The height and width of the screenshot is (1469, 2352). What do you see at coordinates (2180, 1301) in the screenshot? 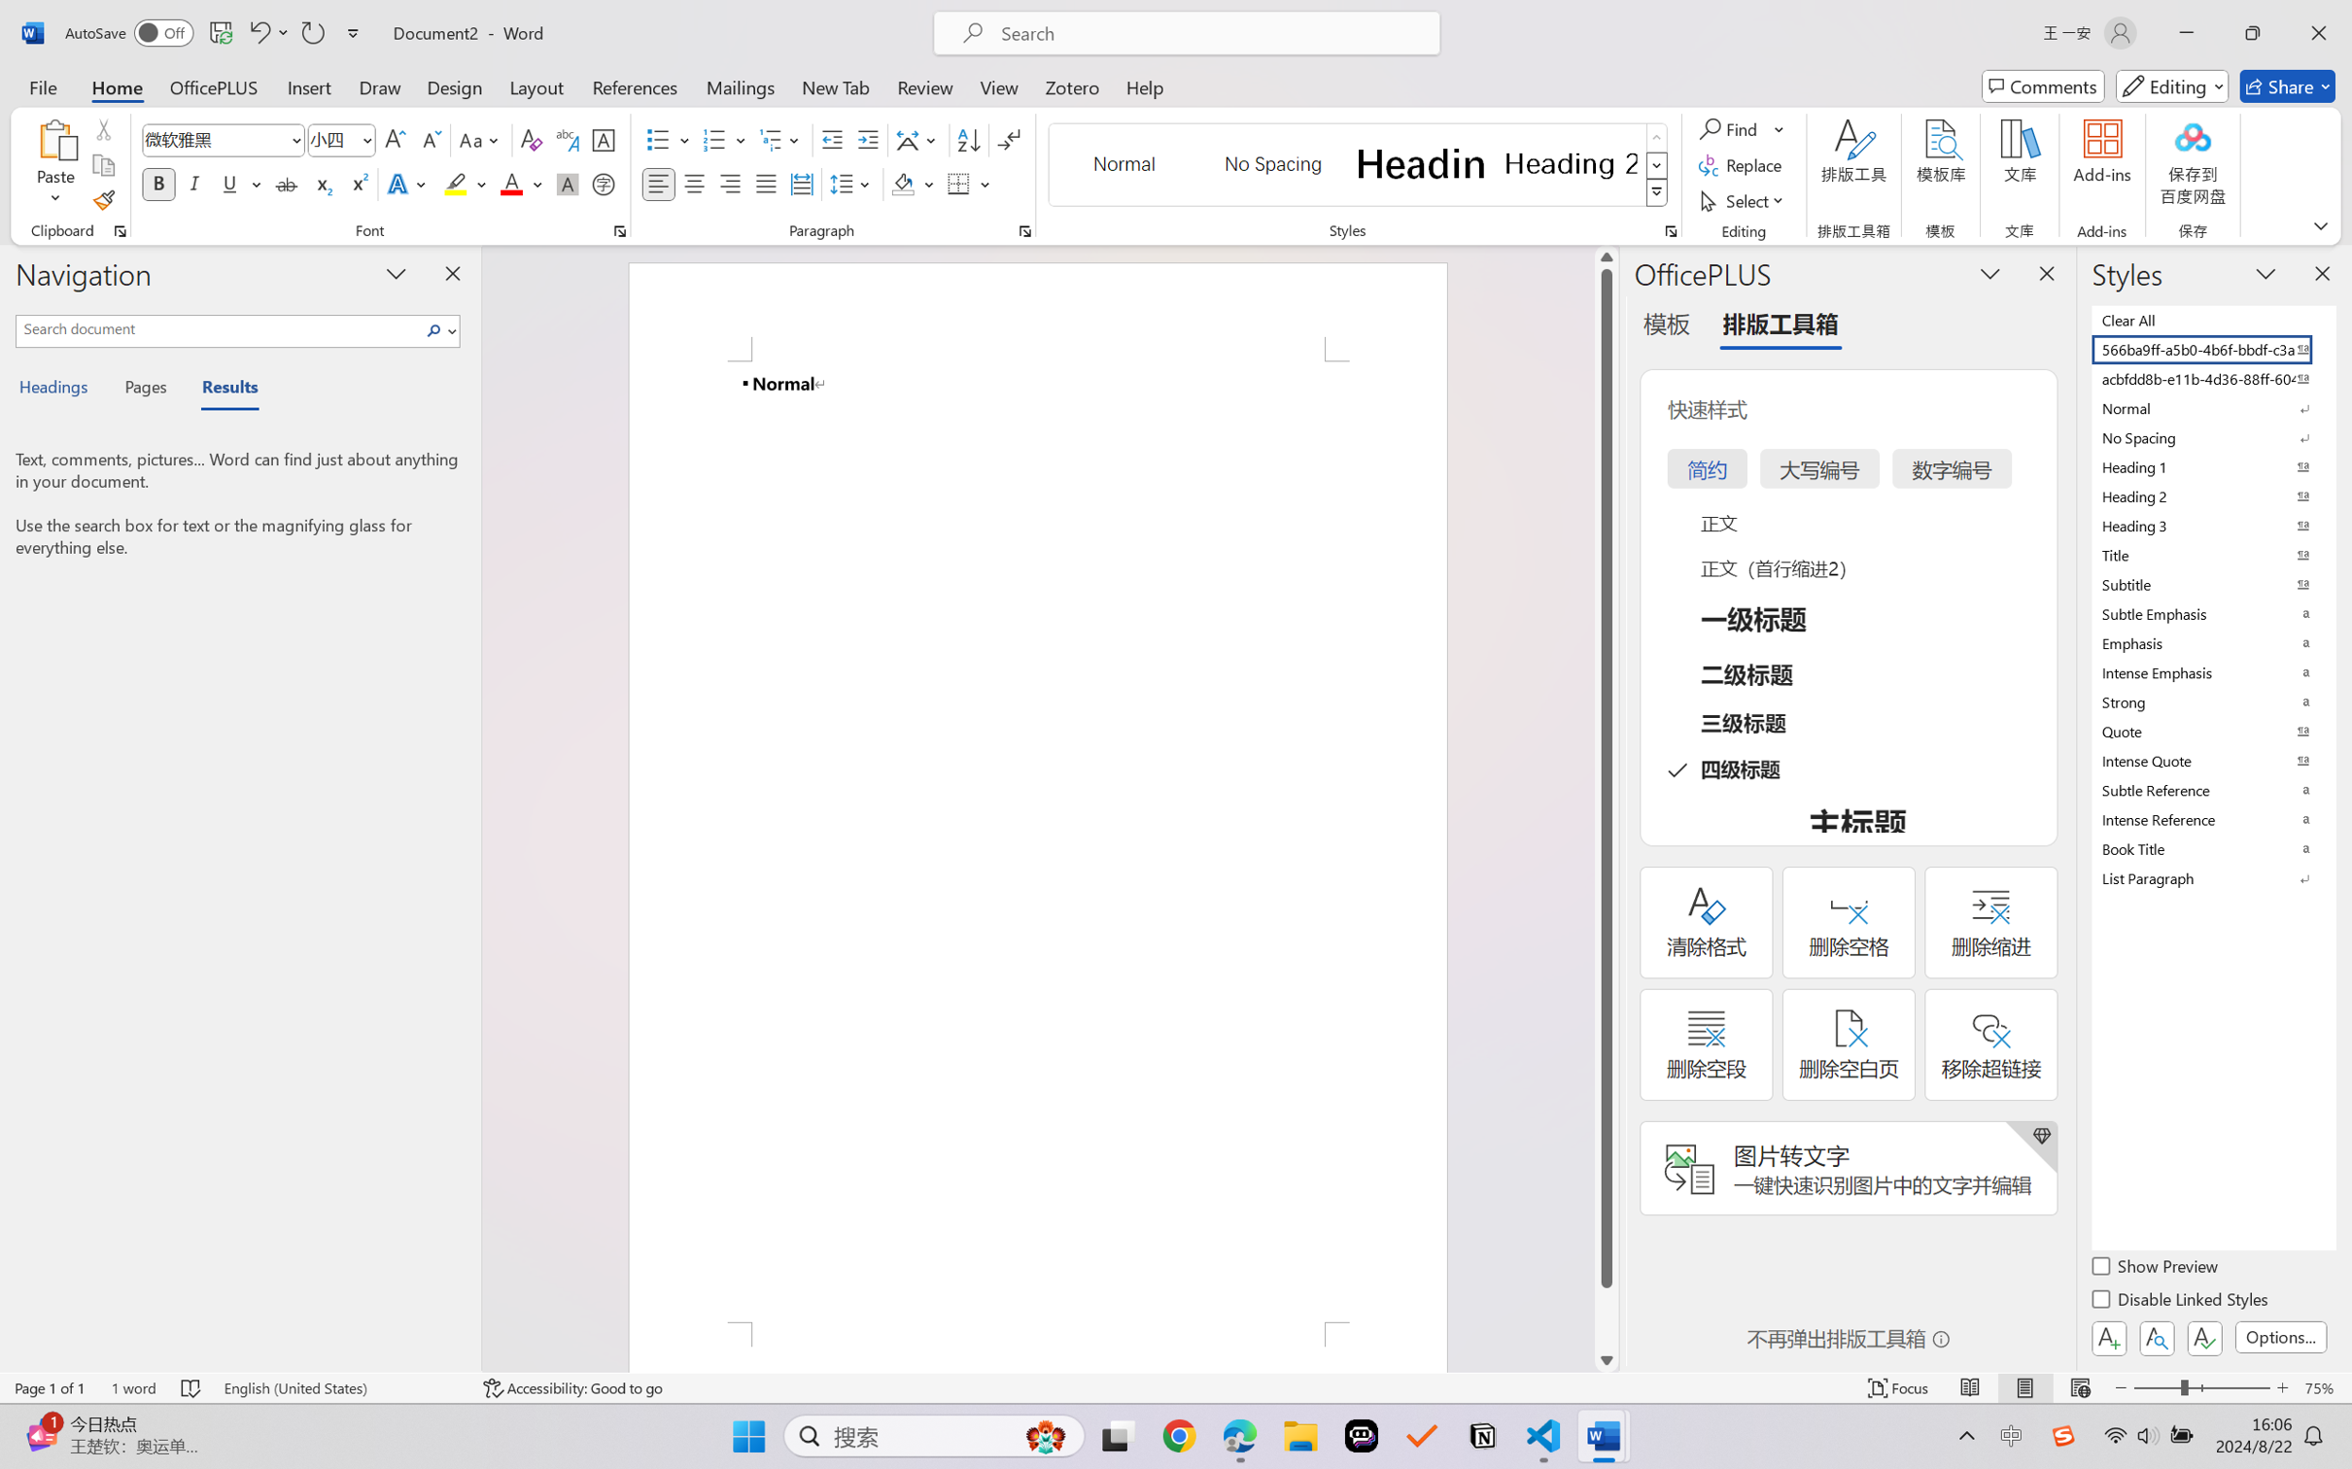
I see `'Disable Linked Styles'` at bounding box center [2180, 1301].